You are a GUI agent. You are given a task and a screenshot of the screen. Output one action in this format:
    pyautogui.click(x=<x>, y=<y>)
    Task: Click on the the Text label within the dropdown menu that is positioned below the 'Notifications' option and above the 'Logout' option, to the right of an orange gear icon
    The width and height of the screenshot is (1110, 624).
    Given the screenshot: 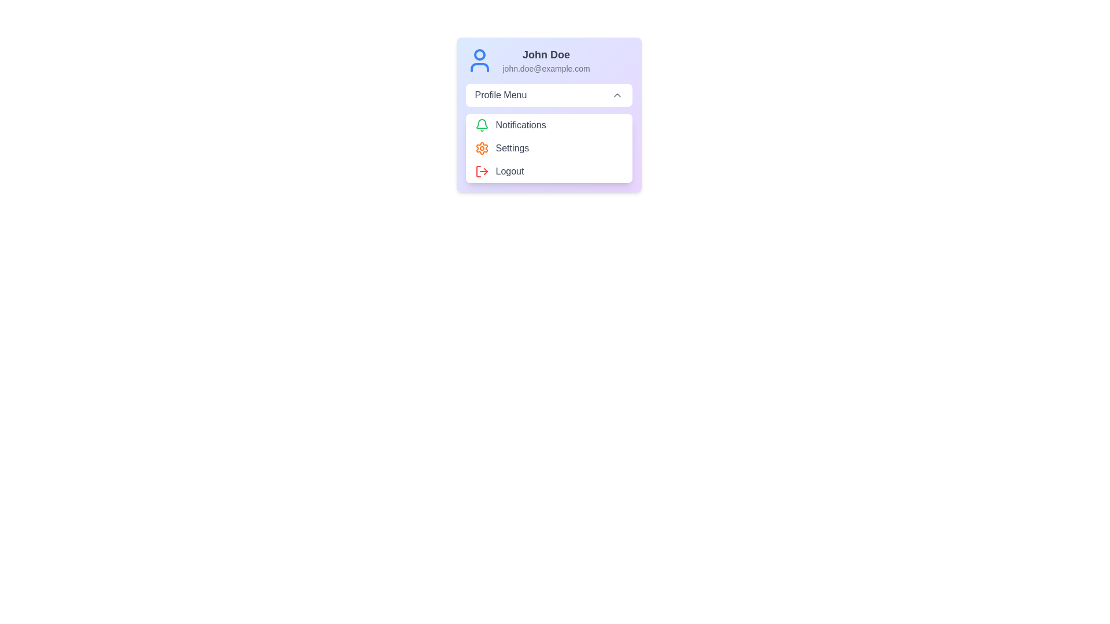 What is the action you would take?
    pyautogui.click(x=512, y=148)
    